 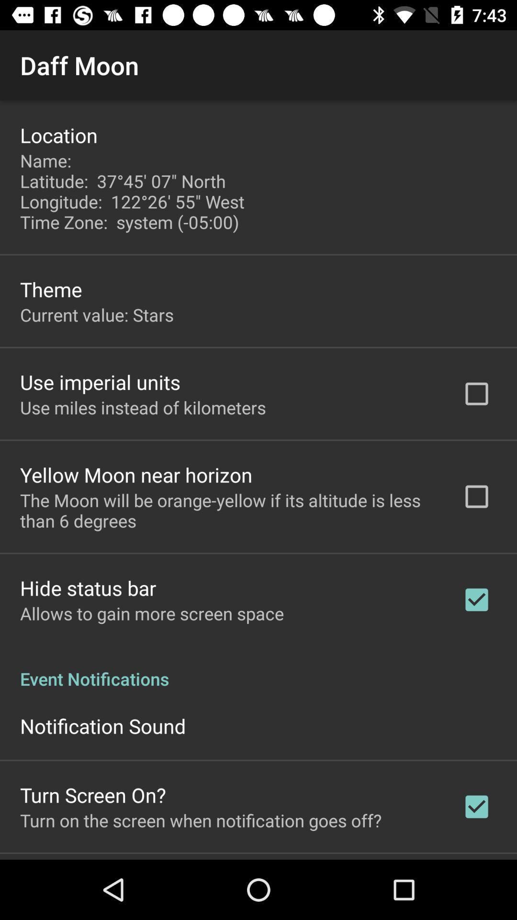 What do you see at coordinates (88, 587) in the screenshot?
I see `hide status bar item` at bounding box center [88, 587].